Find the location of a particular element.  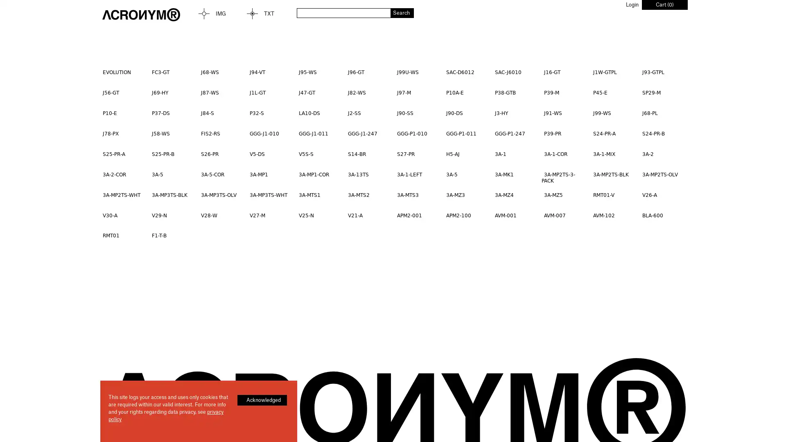

Acknowledged is located at coordinates (262, 400).